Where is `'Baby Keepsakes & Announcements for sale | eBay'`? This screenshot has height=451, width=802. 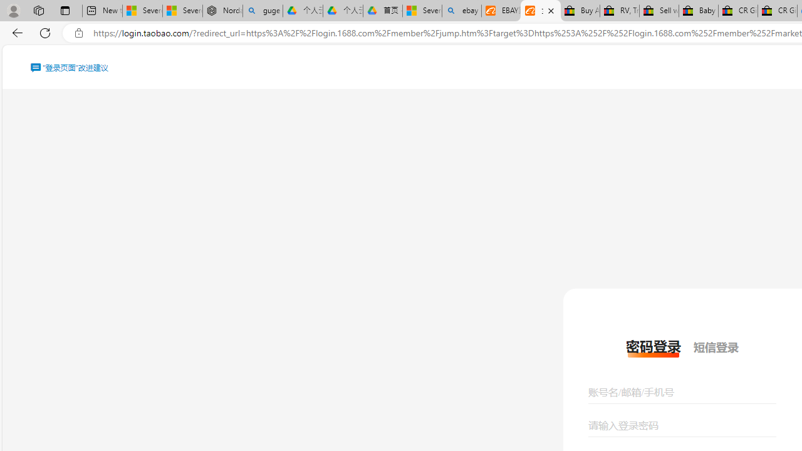 'Baby Keepsakes & Announcements for sale | eBay' is located at coordinates (697, 11).